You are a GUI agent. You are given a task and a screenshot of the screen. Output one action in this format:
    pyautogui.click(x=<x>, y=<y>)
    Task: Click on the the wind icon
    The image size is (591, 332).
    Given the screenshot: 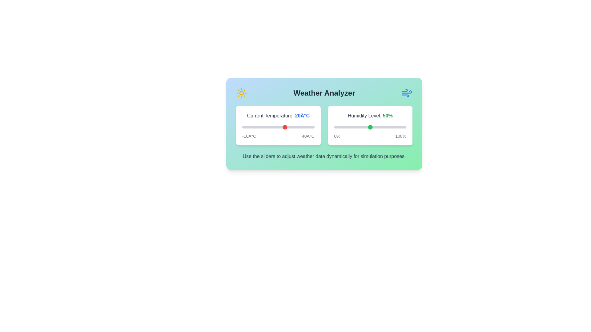 What is the action you would take?
    pyautogui.click(x=407, y=93)
    